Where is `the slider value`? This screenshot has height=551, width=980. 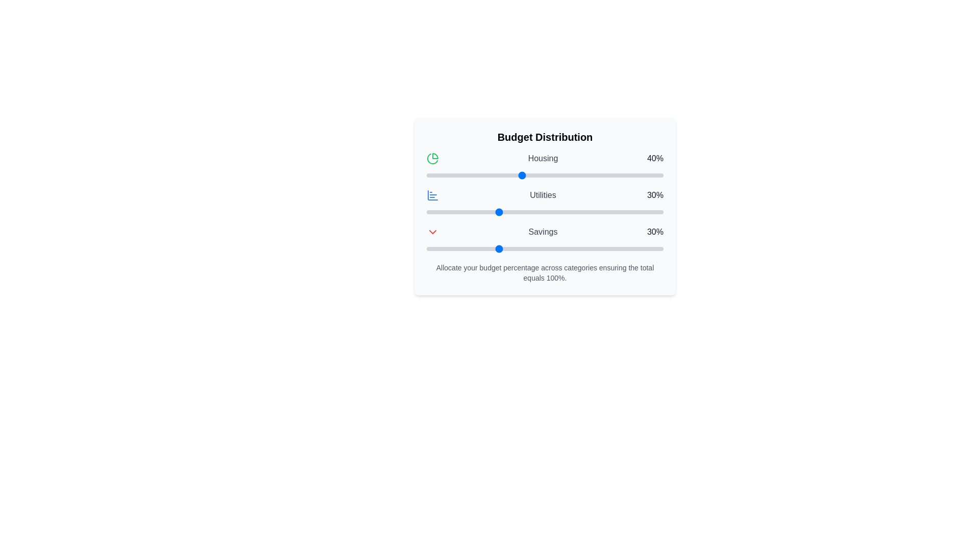 the slider value is located at coordinates (509, 212).